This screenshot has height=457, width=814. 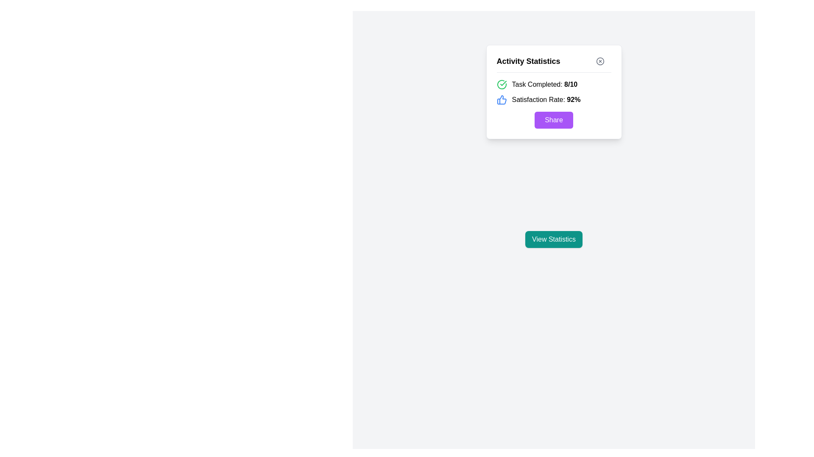 I want to click on the Text Block displaying 'Activity Statistics', which is a bold text element located at the top of a white panel, so click(x=554, y=63).